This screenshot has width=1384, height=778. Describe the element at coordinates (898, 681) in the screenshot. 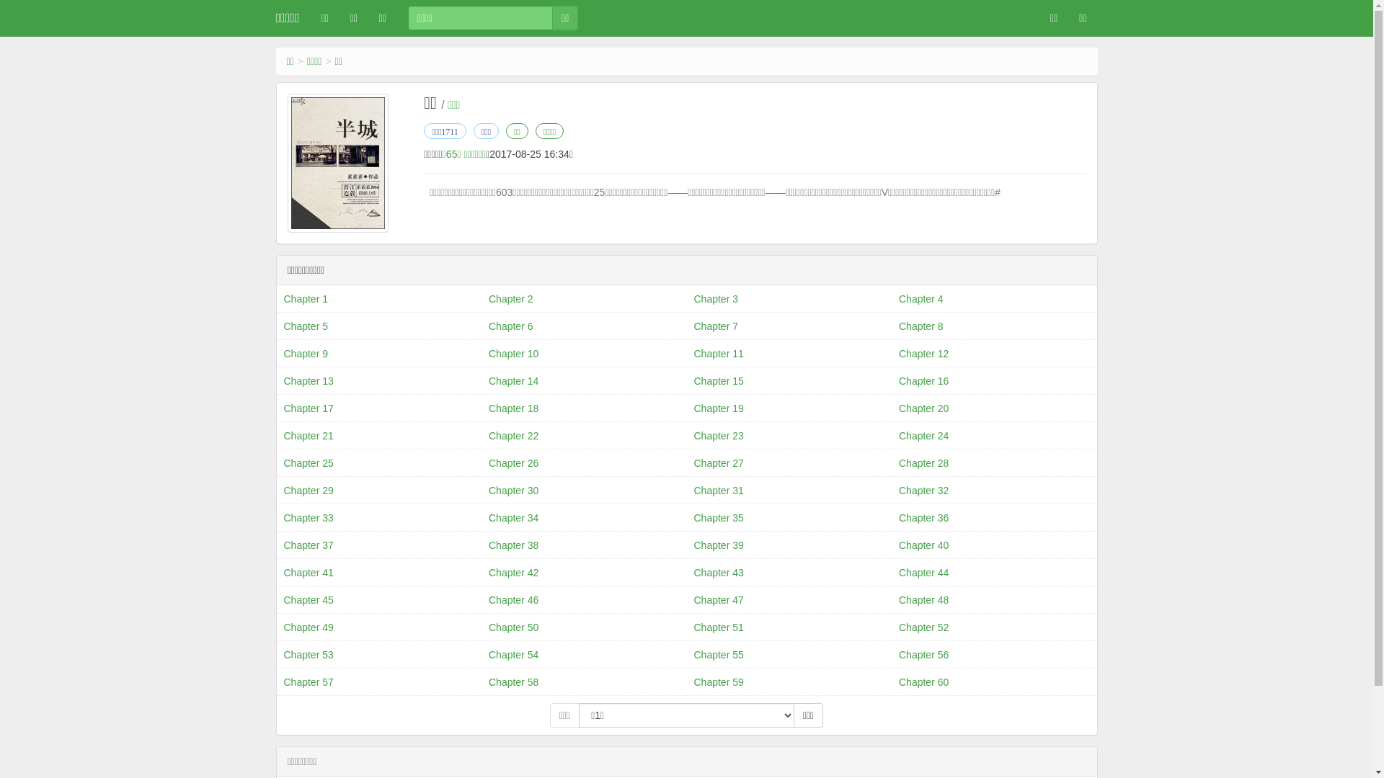

I see `'Chapter 60'` at that location.